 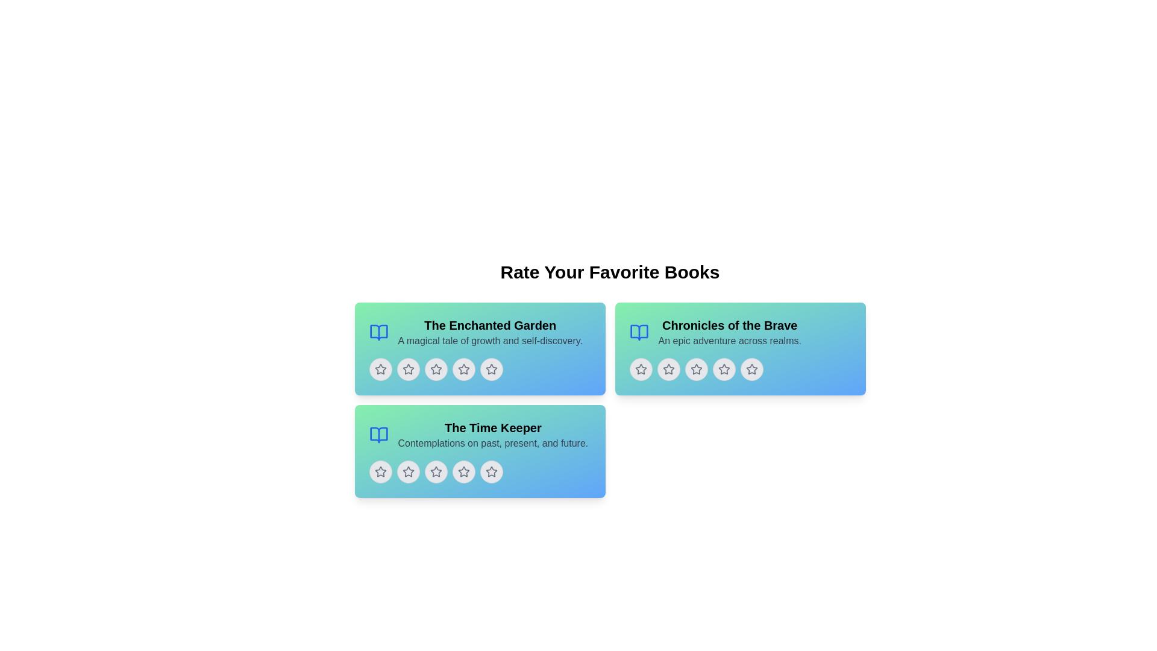 I want to click on the decorative icon associated with the title 'The Time Keeper' located at the top-left corner of the bottom-left card, so click(x=378, y=435).